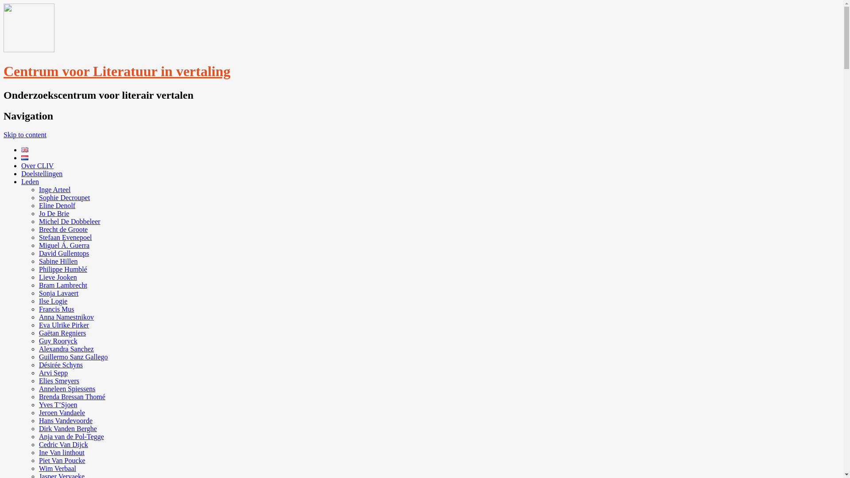  What do you see at coordinates (62, 285) in the screenshot?
I see `'Bram Lambrecht'` at bounding box center [62, 285].